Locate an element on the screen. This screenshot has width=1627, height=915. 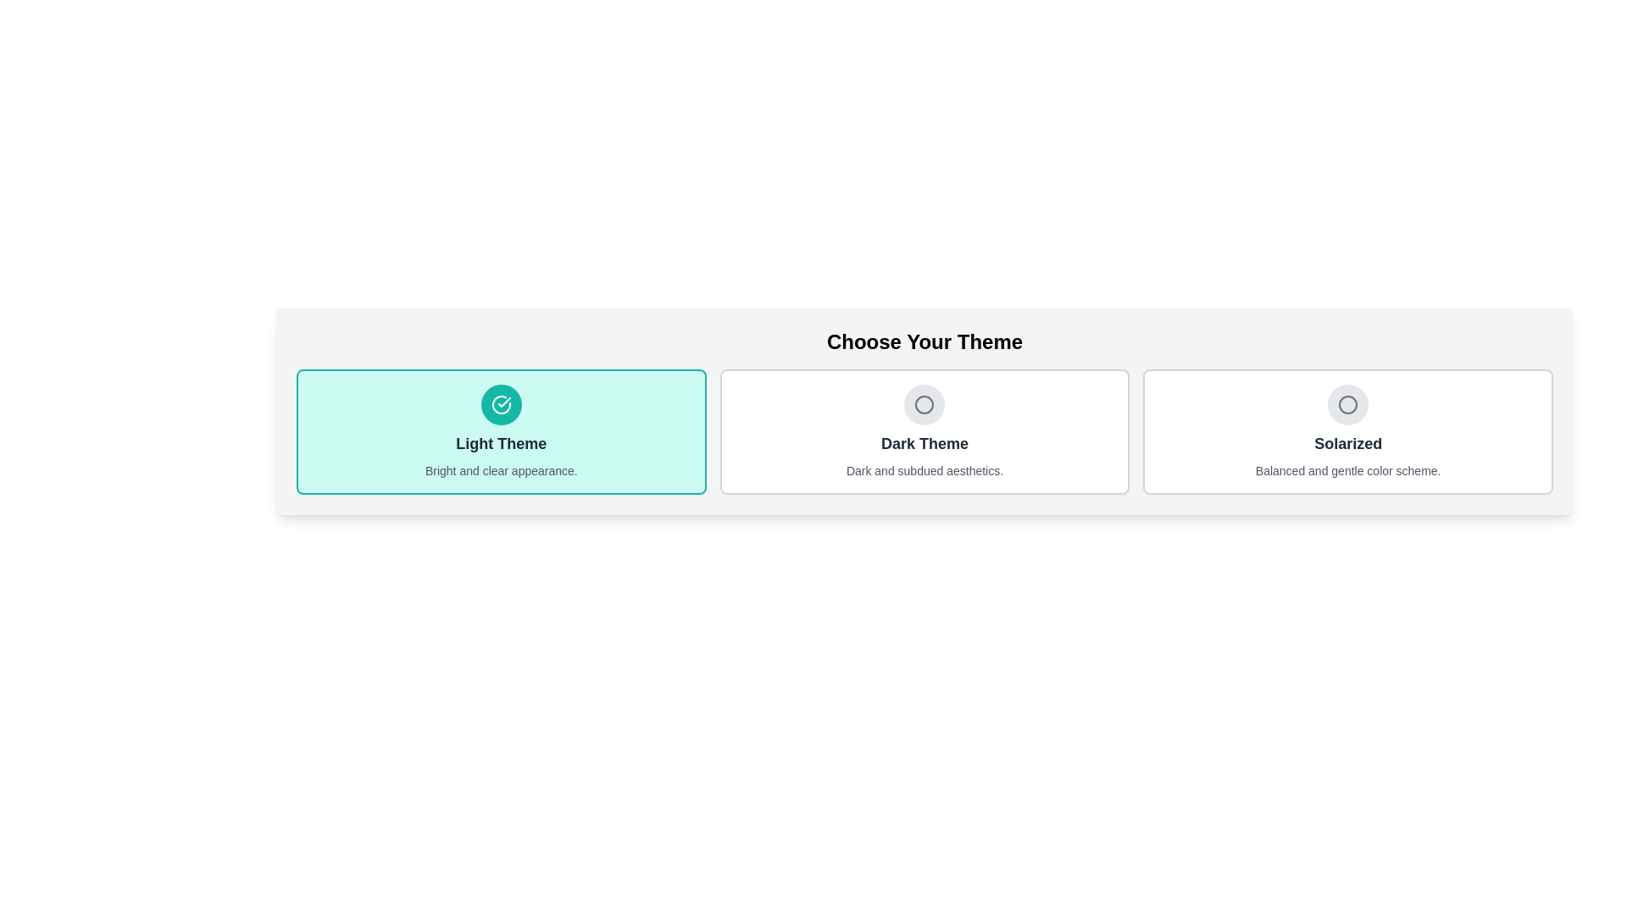
the circular icon with a checkmark inside, which is styled with a teal background is located at coordinates (500, 405).